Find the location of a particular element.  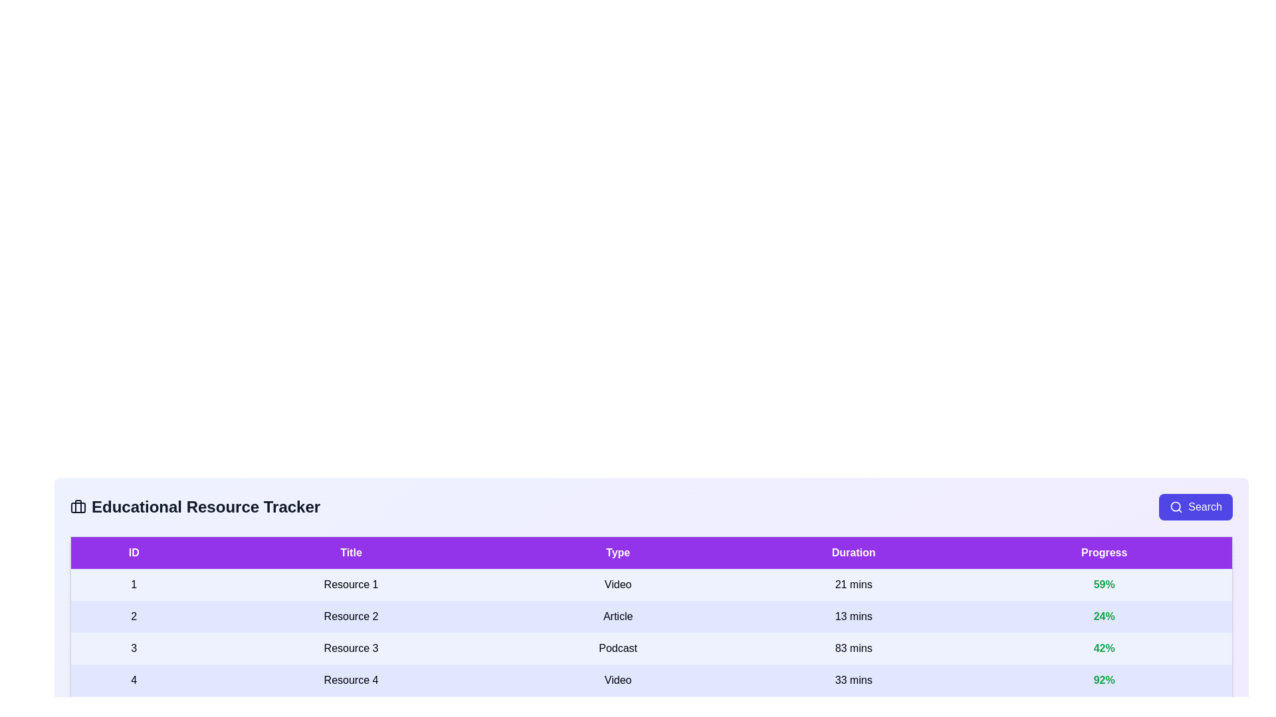

the column header Type to sort the resources by that column is located at coordinates (617, 552).